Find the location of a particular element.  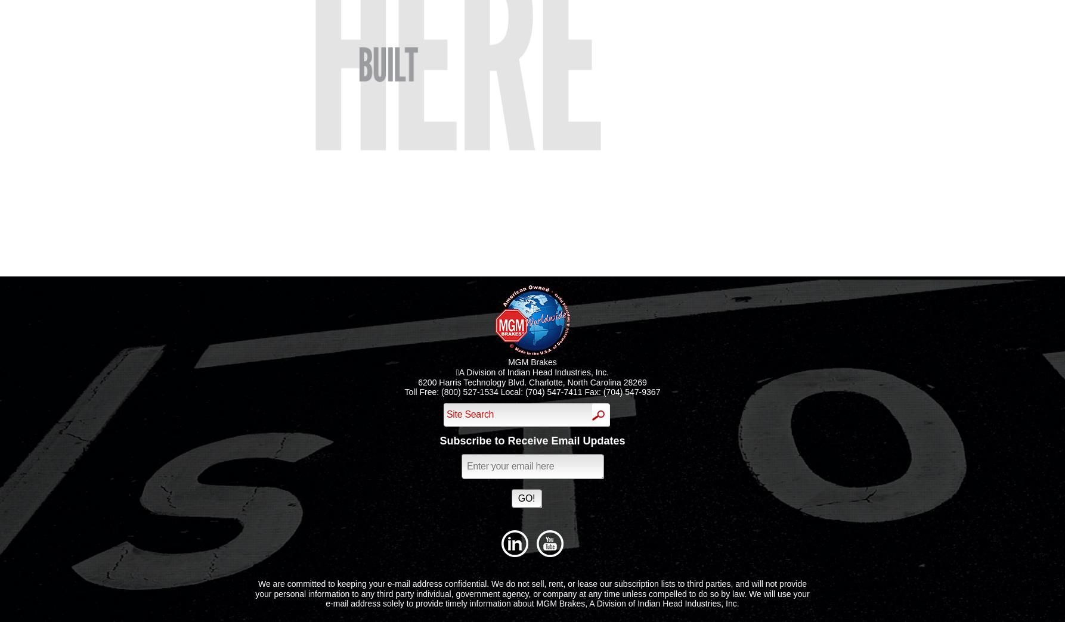

'MGM Brakes' is located at coordinates (531, 361).